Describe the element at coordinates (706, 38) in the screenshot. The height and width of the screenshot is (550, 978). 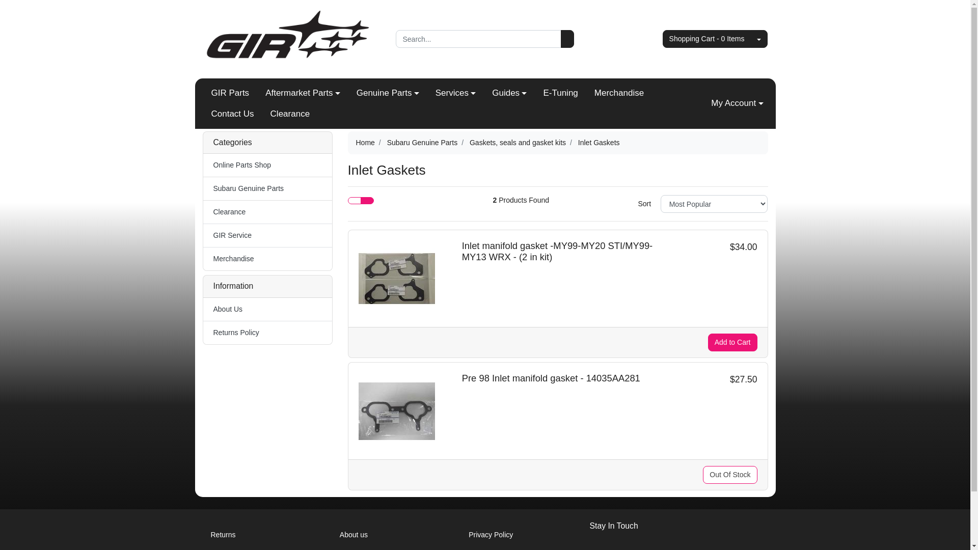
I see `'Shopping Cart - 0 Items'` at that location.